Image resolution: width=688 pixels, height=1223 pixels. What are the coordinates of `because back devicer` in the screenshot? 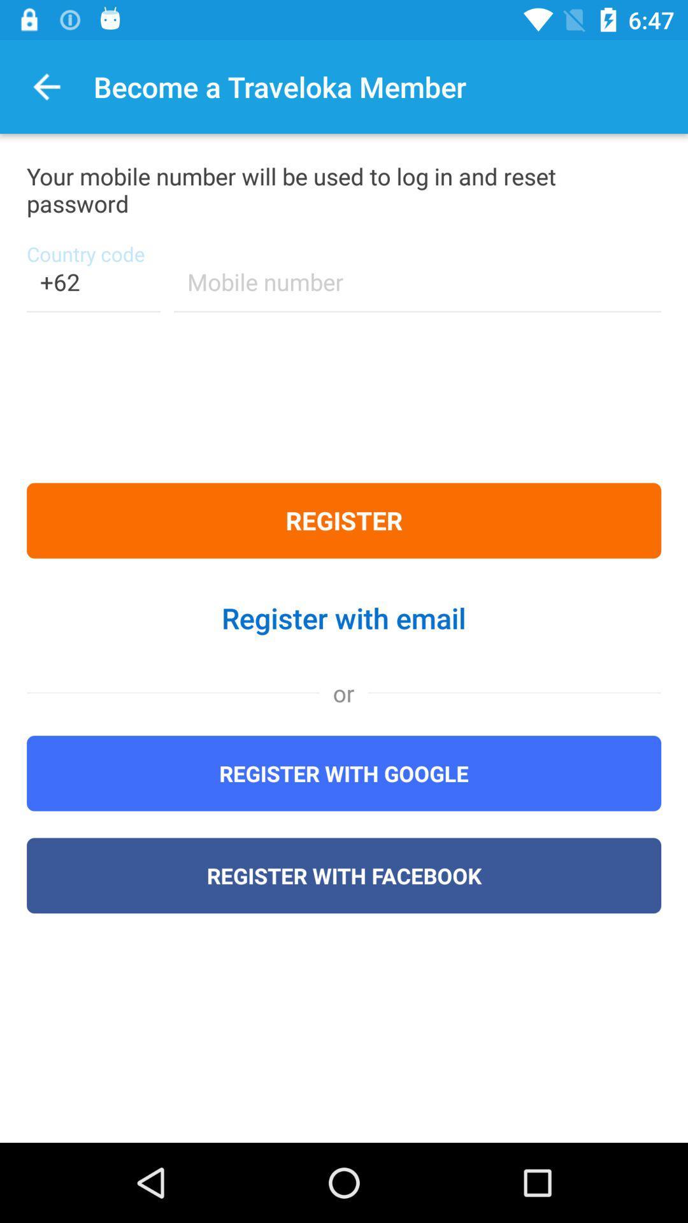 It's located at (417, 289).